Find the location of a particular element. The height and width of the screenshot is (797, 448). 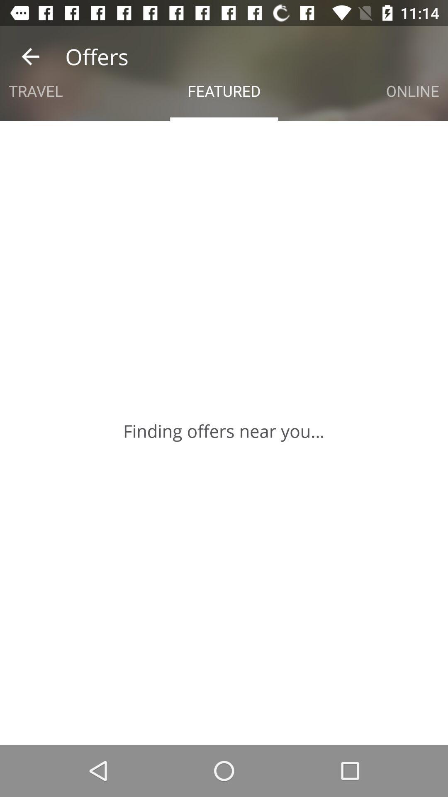

the app next to offers icon is located at coordinates (30, 56).